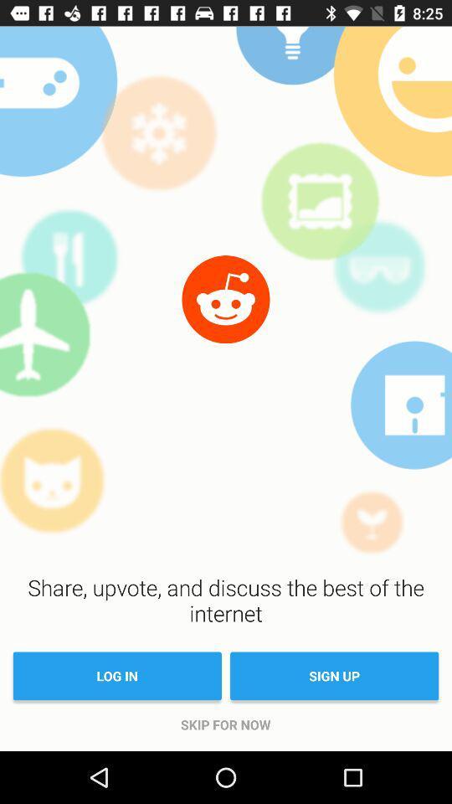 Image resolution: width=452 pixels, height=804 pixels. What do you see at coordinates (116, 676) in the screenshot?
I see `the item to the left of the sign up` at bounding box center [116, 676].